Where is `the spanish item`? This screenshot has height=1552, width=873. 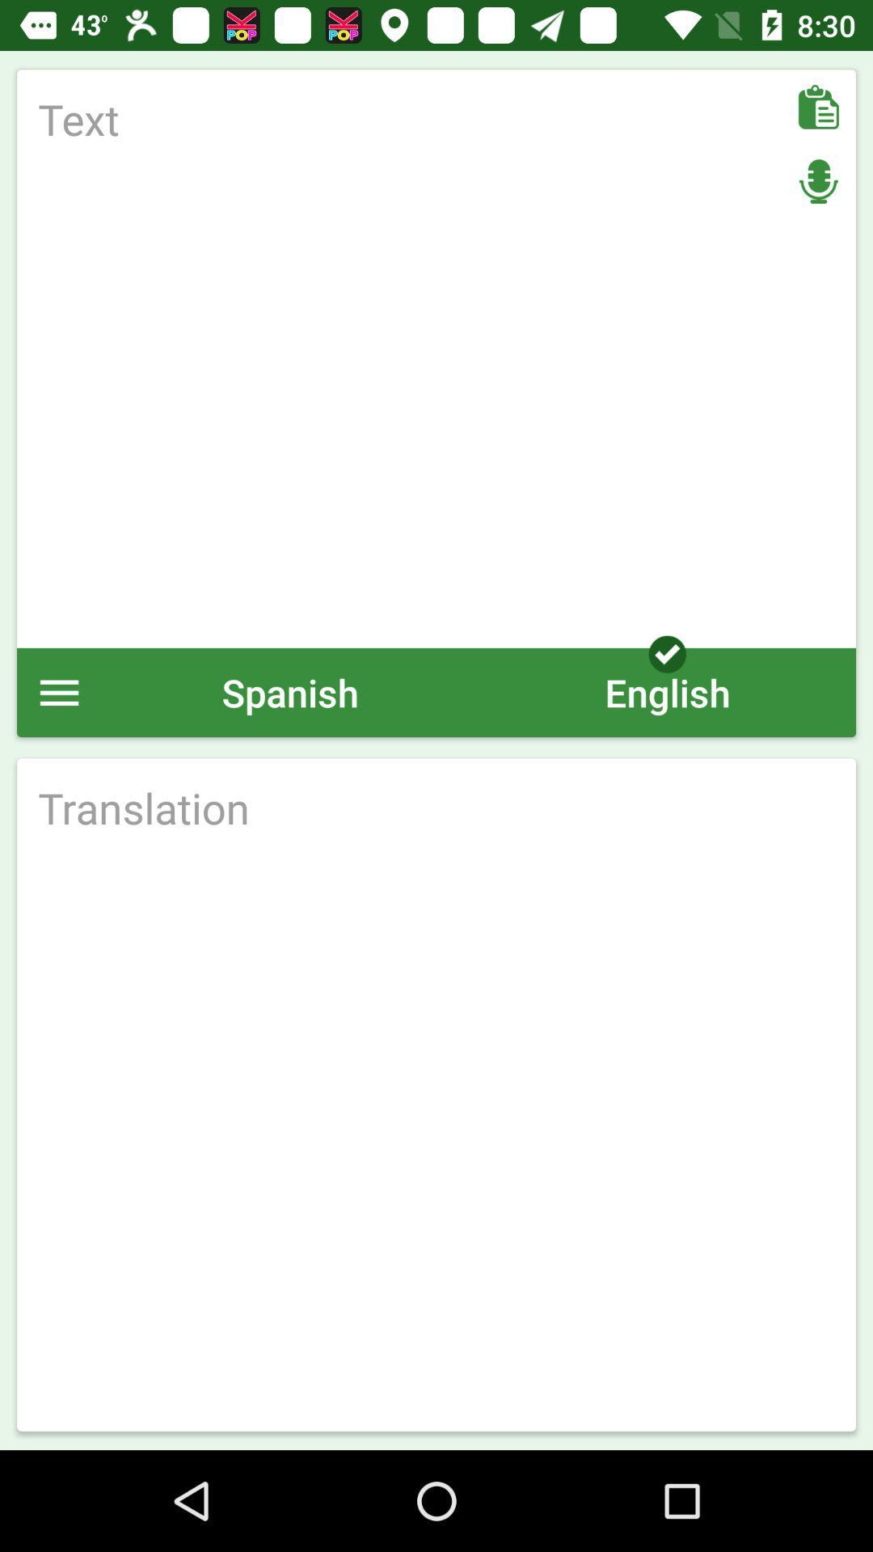 the spanish item is located at coordinates (289, 692).